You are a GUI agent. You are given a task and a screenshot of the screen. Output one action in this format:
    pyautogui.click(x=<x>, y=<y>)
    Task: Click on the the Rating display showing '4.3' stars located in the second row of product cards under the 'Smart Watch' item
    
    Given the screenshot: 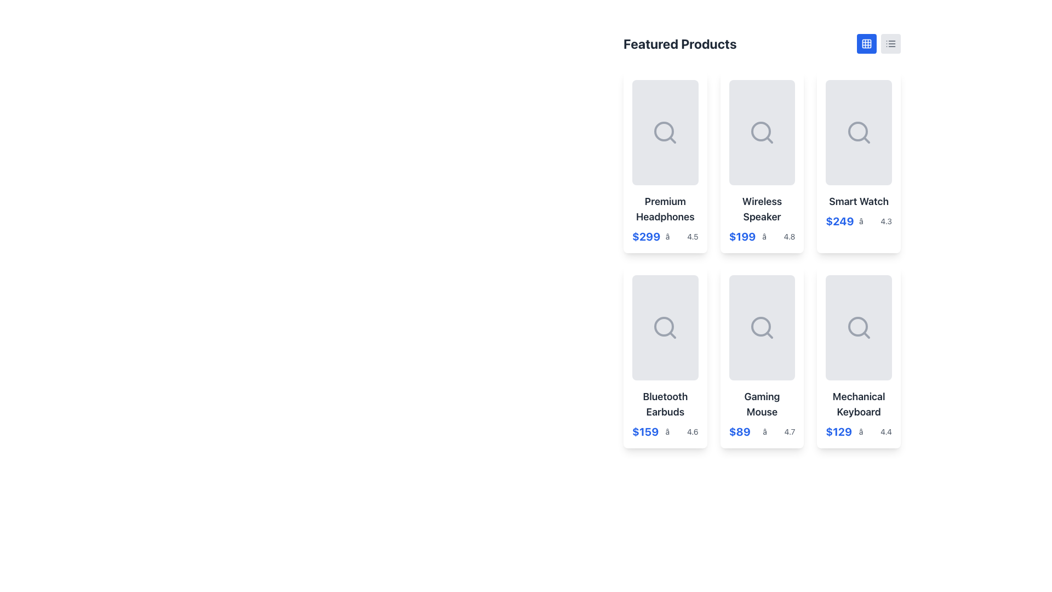 What is the action you would take?
    pyautogui.click(x=875, y=221)
    